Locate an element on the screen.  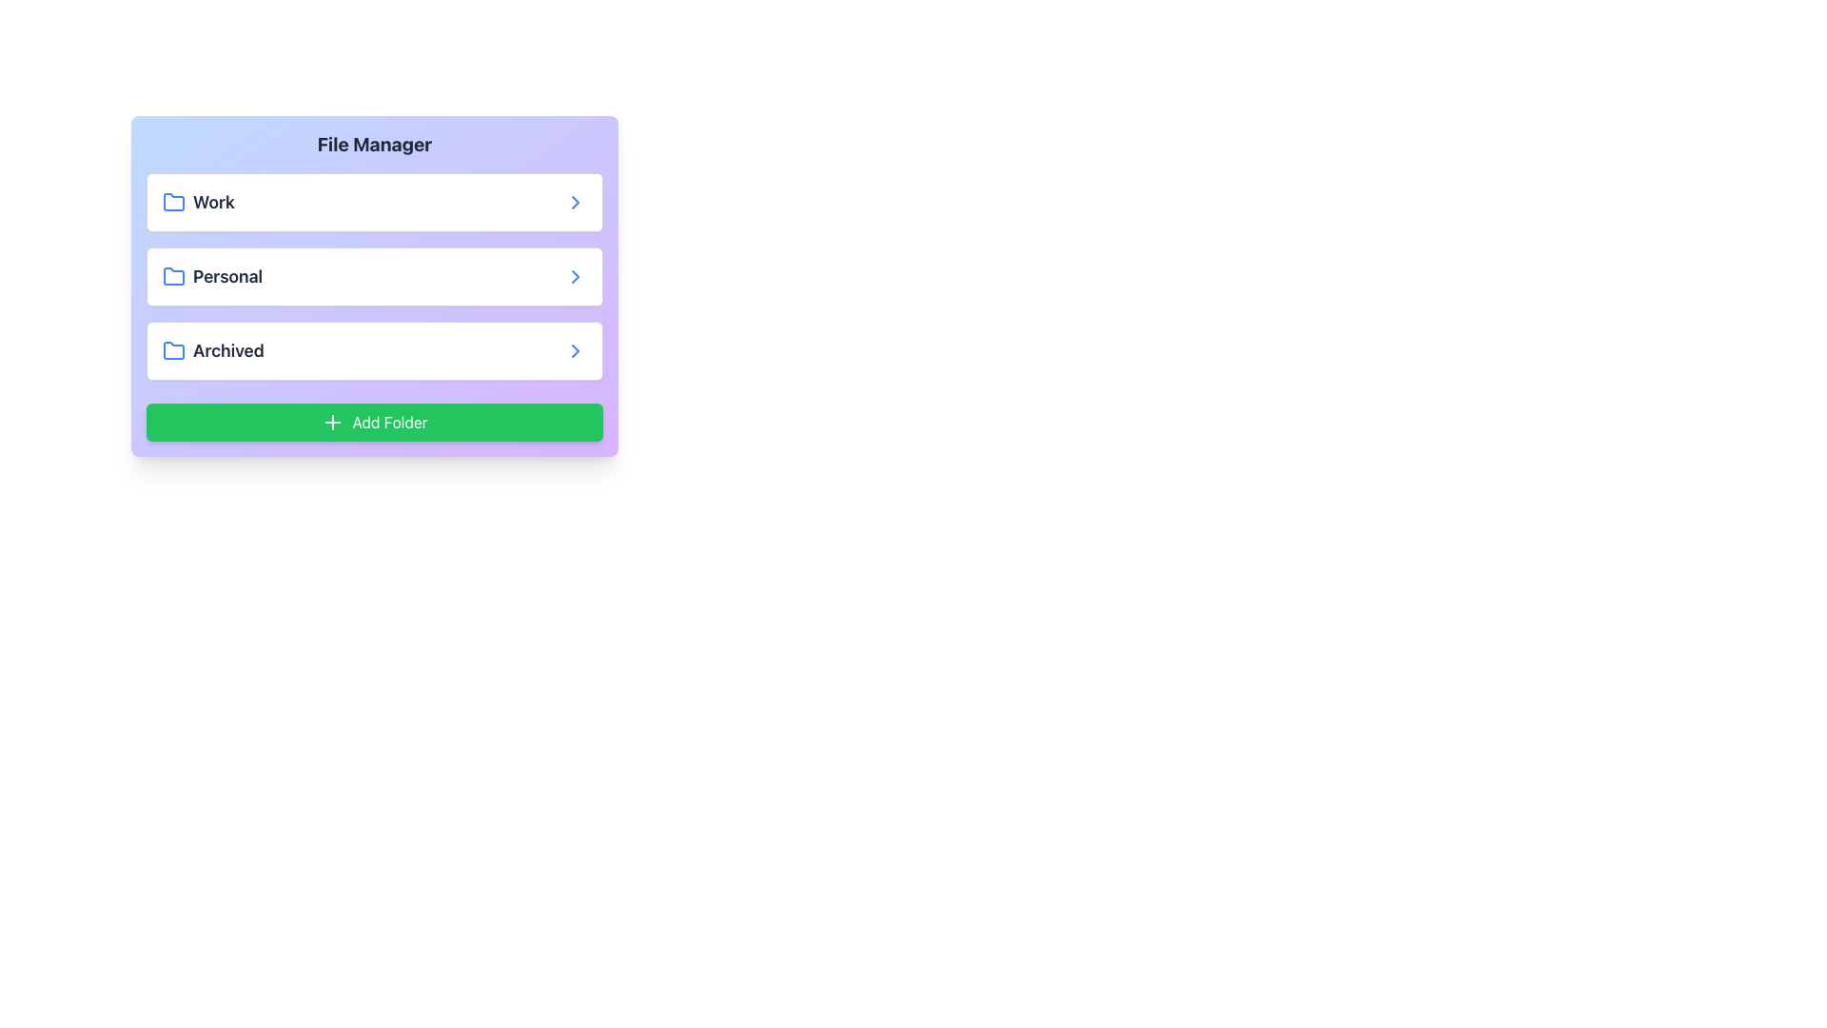
the rightward-facing blue chevron icon located next to the 'Personal' folder label is located at coordinates (574, 276).